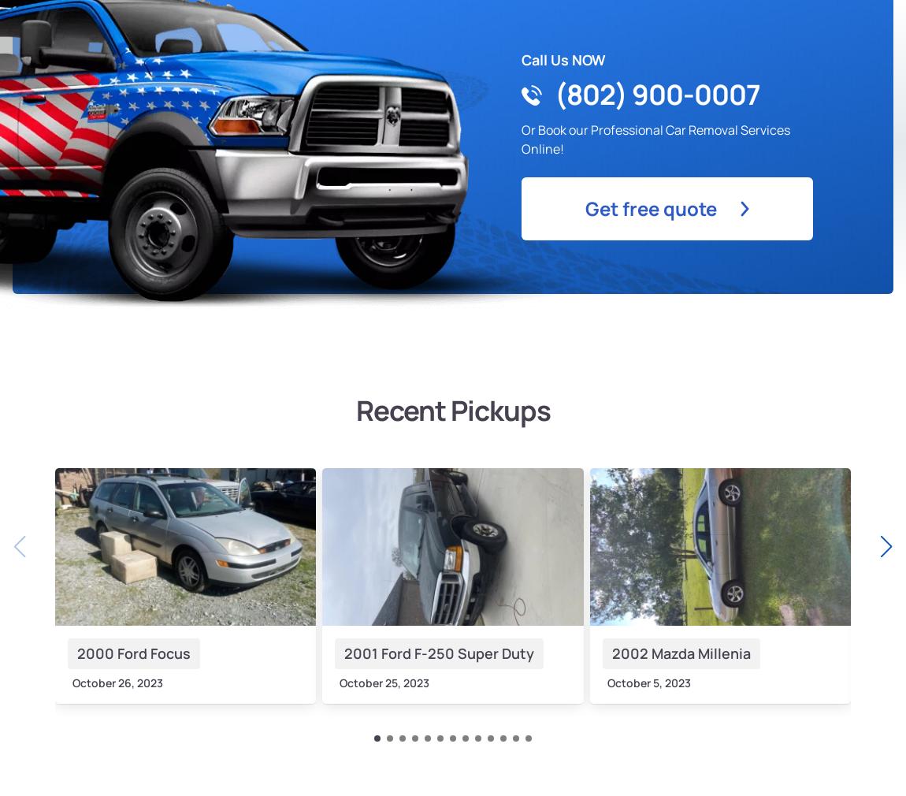 The image size is (906, 796). What do you see at coordinates (655, 138) in the screenshot?
I see `'Or Book our Professional Car Removal Services Online!'` at bounding box center [655, 138].